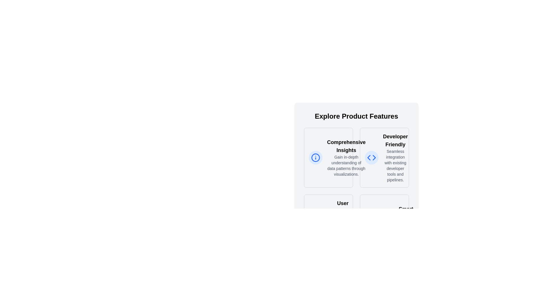 The height and width of the screenshot is (308, 548). I want to click on the informational icon located at the top-left corner of the 'Comprehensive Insights' card, so click(315, 157).